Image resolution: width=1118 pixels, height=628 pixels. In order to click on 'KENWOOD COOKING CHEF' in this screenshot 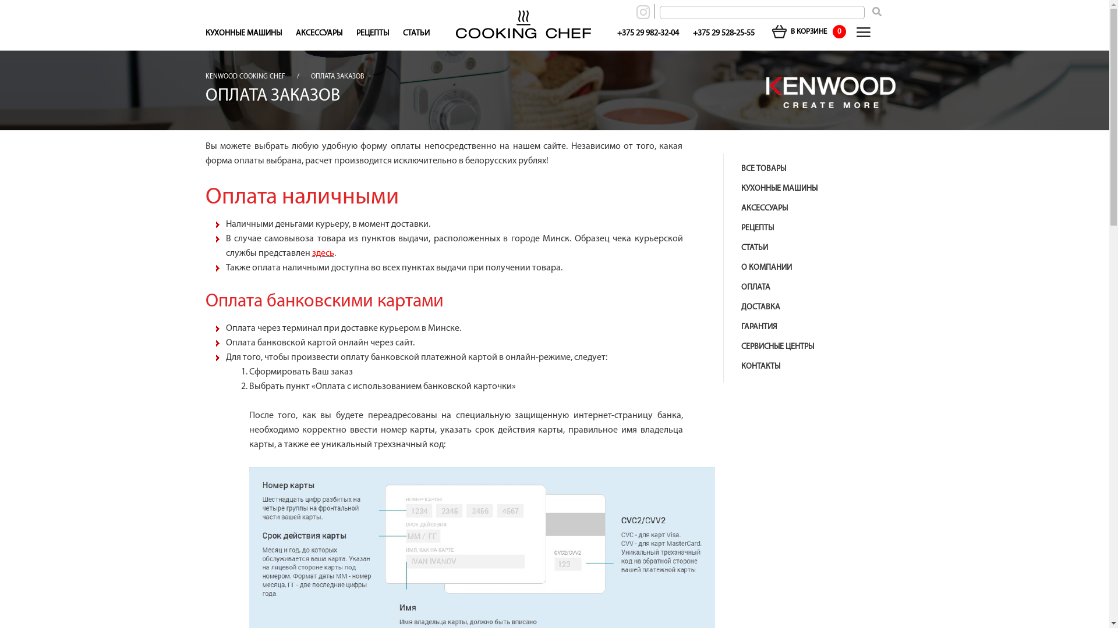, I will do `click(244, 76)`.